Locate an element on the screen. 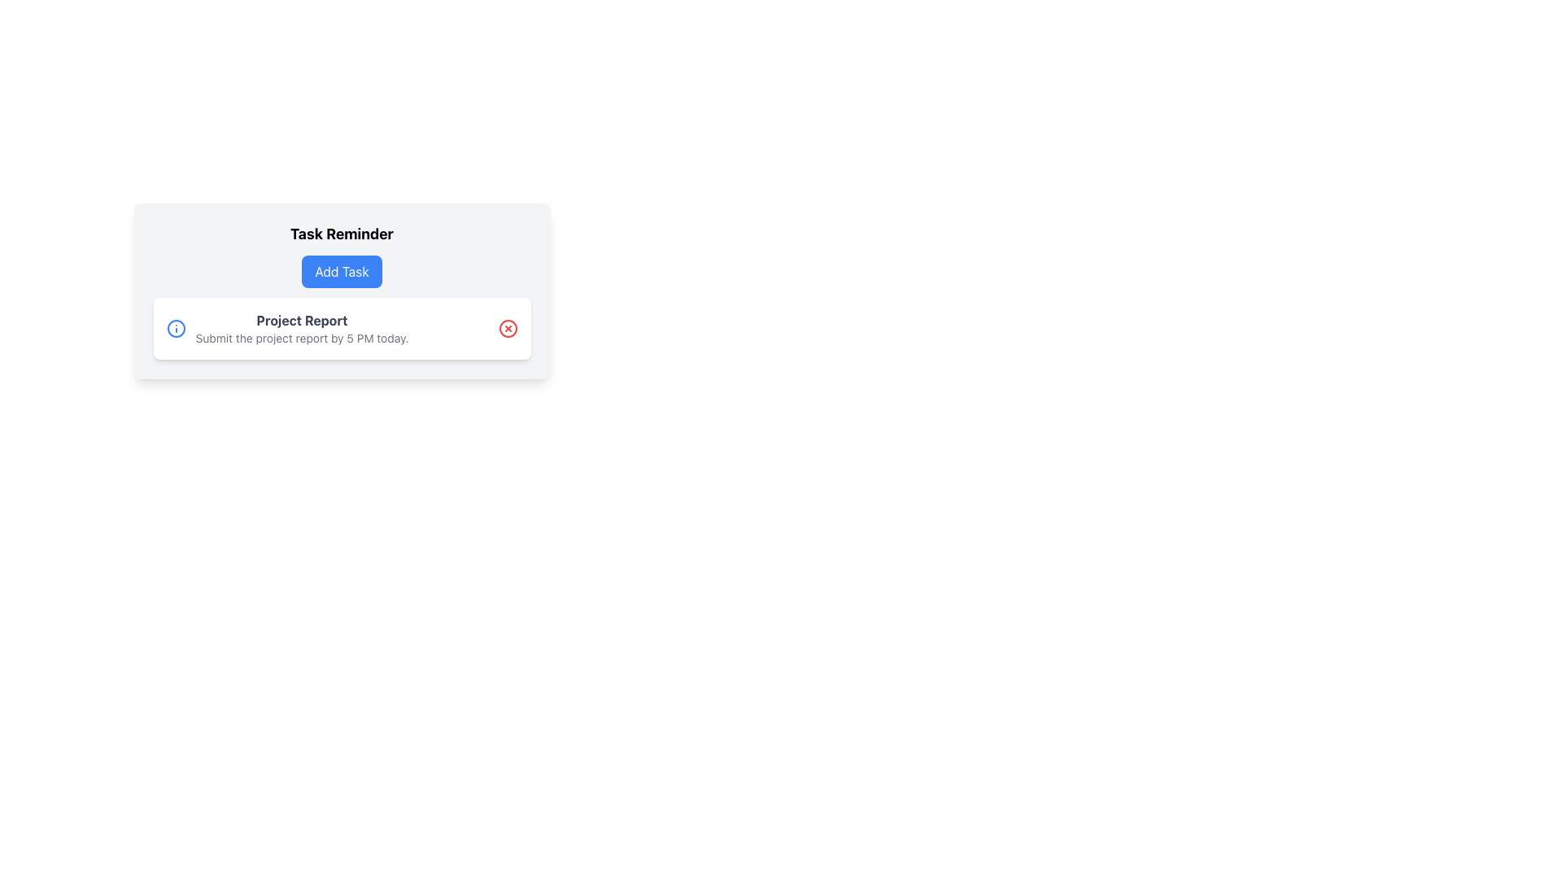  the informational icon in the 'Task Reminder' section, which is the leftmost element aligned with the title 'Project Report.' is located at coordinates (176, 329).